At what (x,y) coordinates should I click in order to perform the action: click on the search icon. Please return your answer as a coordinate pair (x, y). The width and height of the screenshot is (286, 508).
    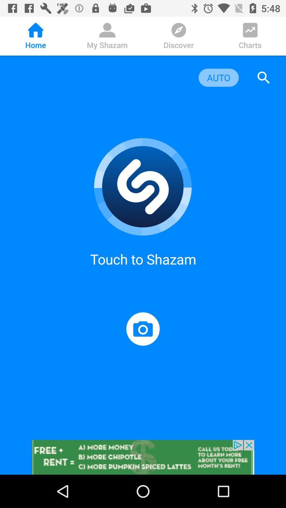
    Looking at the image, I should click on (263, 77).